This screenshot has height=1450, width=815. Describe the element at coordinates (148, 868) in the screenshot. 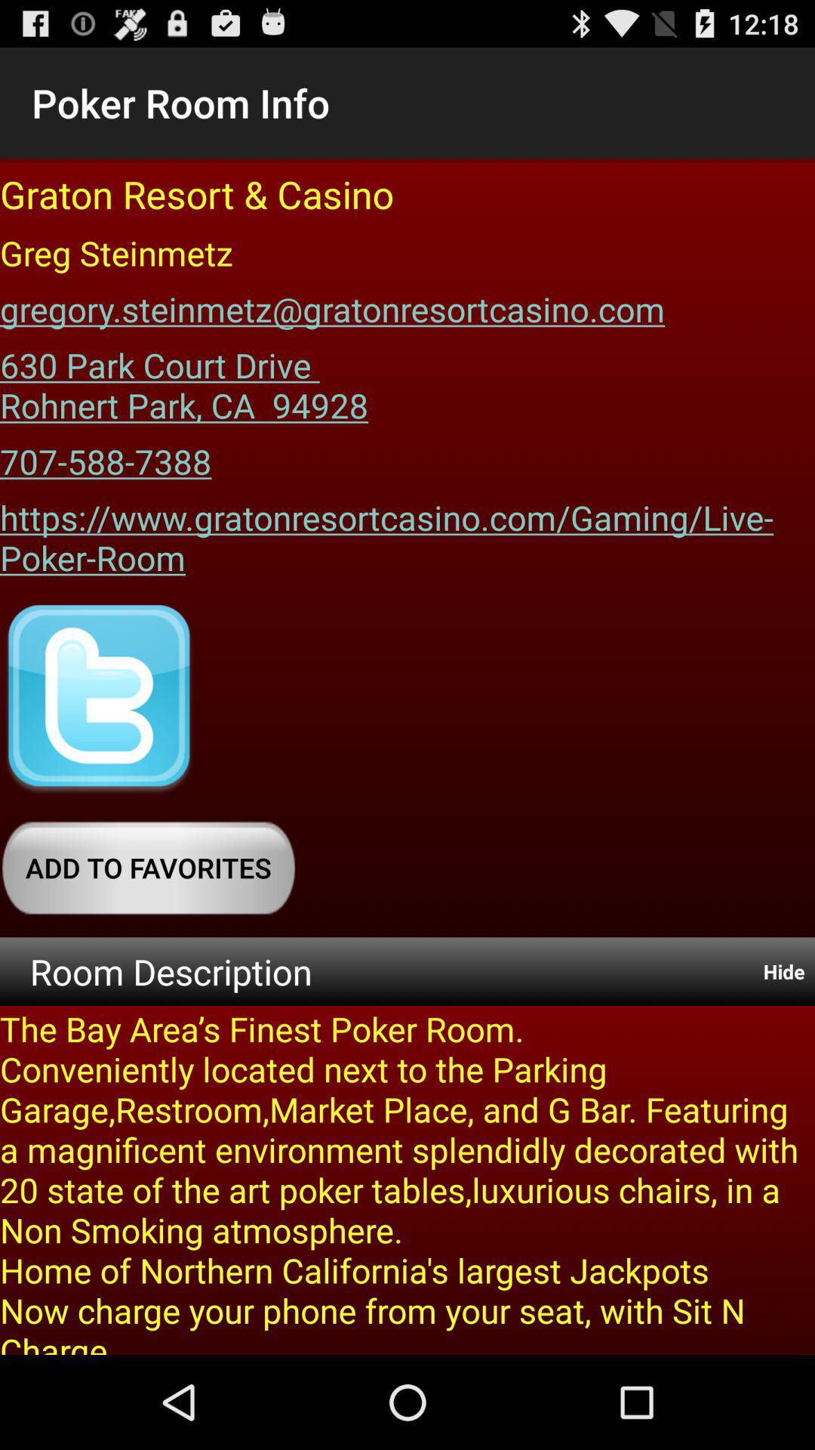

I see `the add to favorites` at that location.